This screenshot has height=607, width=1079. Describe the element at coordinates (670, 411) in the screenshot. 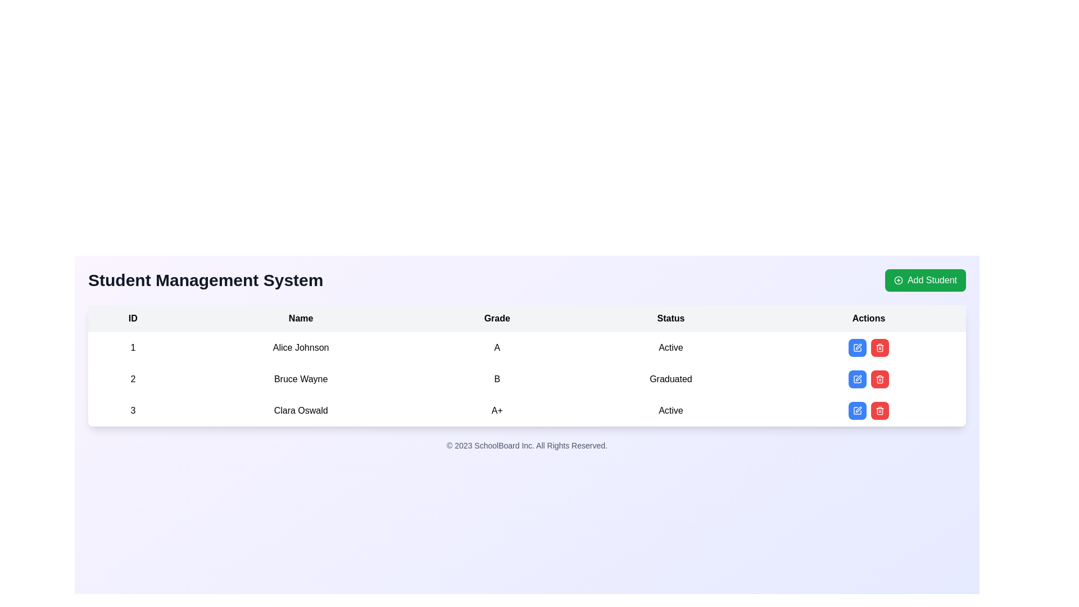

I see `the text element displaying 'Active' located in the fourth column of the third row under the 'Status' column in the 'Student Management System' table` at that location.